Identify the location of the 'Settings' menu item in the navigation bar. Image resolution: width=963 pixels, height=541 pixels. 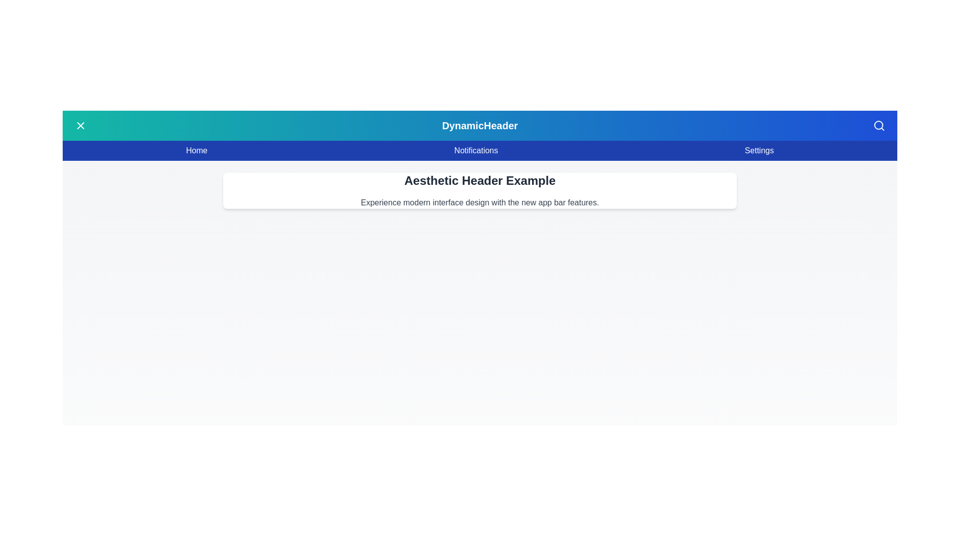
(759, 150).